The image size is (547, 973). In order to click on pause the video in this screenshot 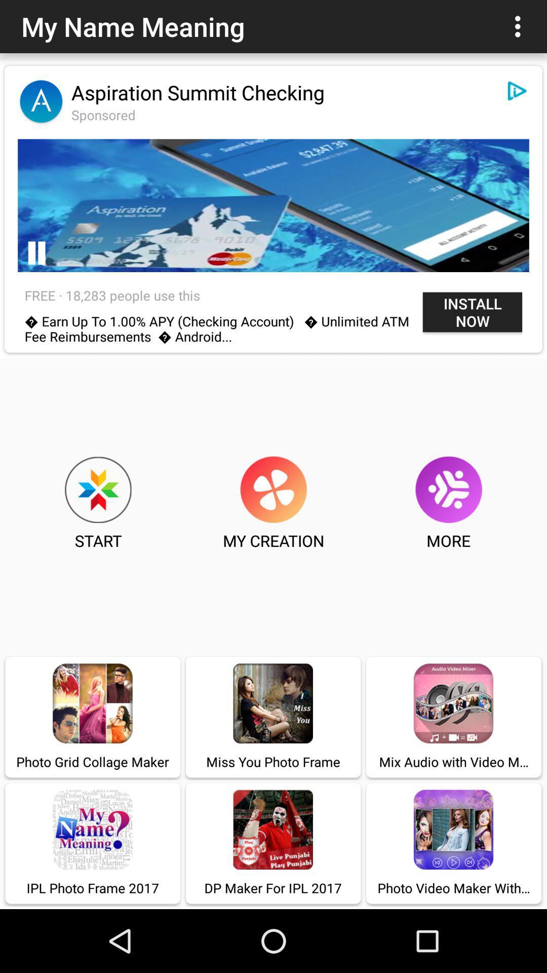, I will do `click(36, 253)`.